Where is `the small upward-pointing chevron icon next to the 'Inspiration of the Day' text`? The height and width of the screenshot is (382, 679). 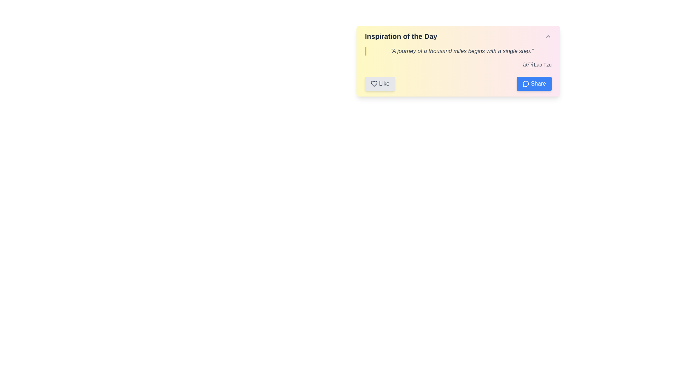 the small upward-pointing chevron icon next to the 'Inspiration of the Day' text is located at coordinates (548, 36).